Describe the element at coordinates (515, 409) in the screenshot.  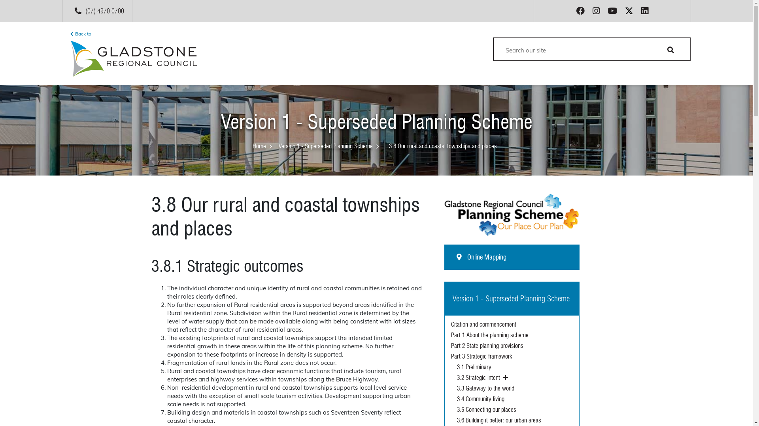
I see `'3.5 Connecting our places'` at that location.